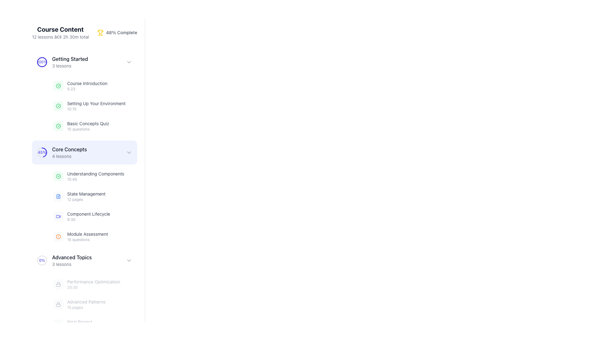  I want to click on the text label reading 'State Management', which is the second main item in the 'Core Concepts' section of the course content, positioned above '12 pages', so click(86, 193).